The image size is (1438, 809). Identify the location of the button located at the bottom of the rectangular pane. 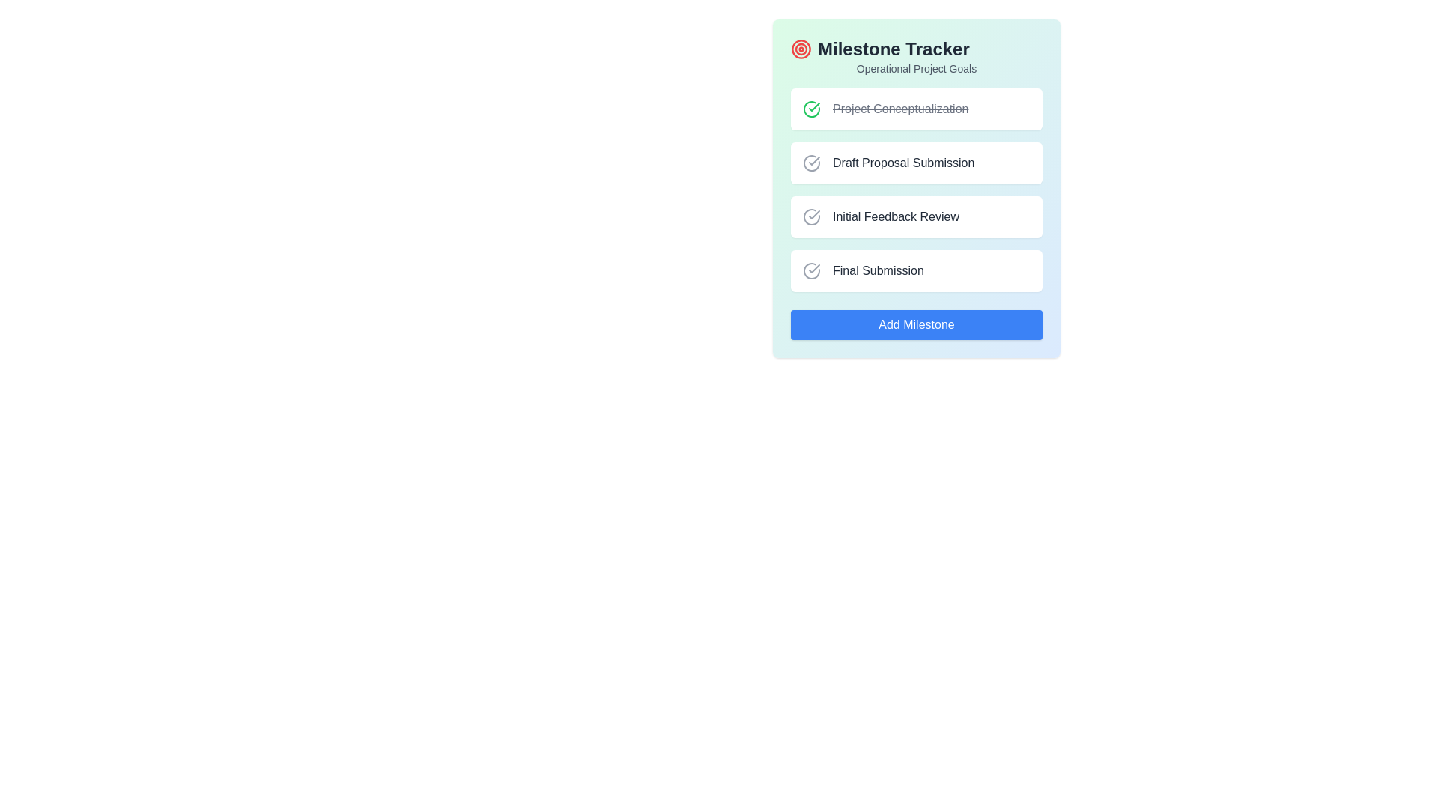
(916, 324).